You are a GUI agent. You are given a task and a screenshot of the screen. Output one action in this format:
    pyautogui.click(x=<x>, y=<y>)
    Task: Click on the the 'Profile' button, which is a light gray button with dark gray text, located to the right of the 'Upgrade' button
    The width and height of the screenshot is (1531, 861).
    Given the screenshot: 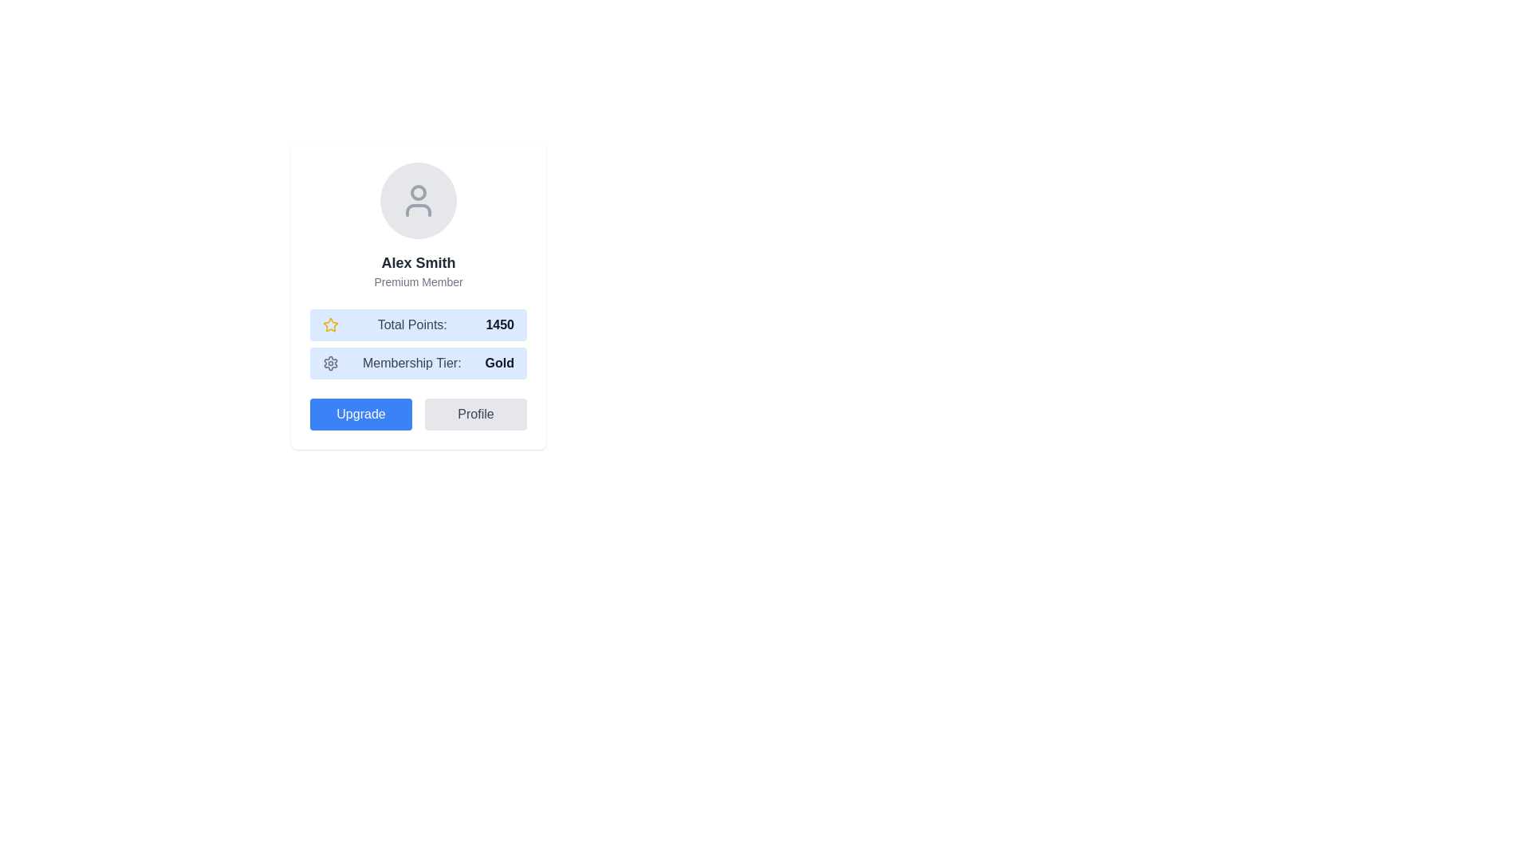 What is the action you would take?
    pyautogui.click(x=474, y=414)
    